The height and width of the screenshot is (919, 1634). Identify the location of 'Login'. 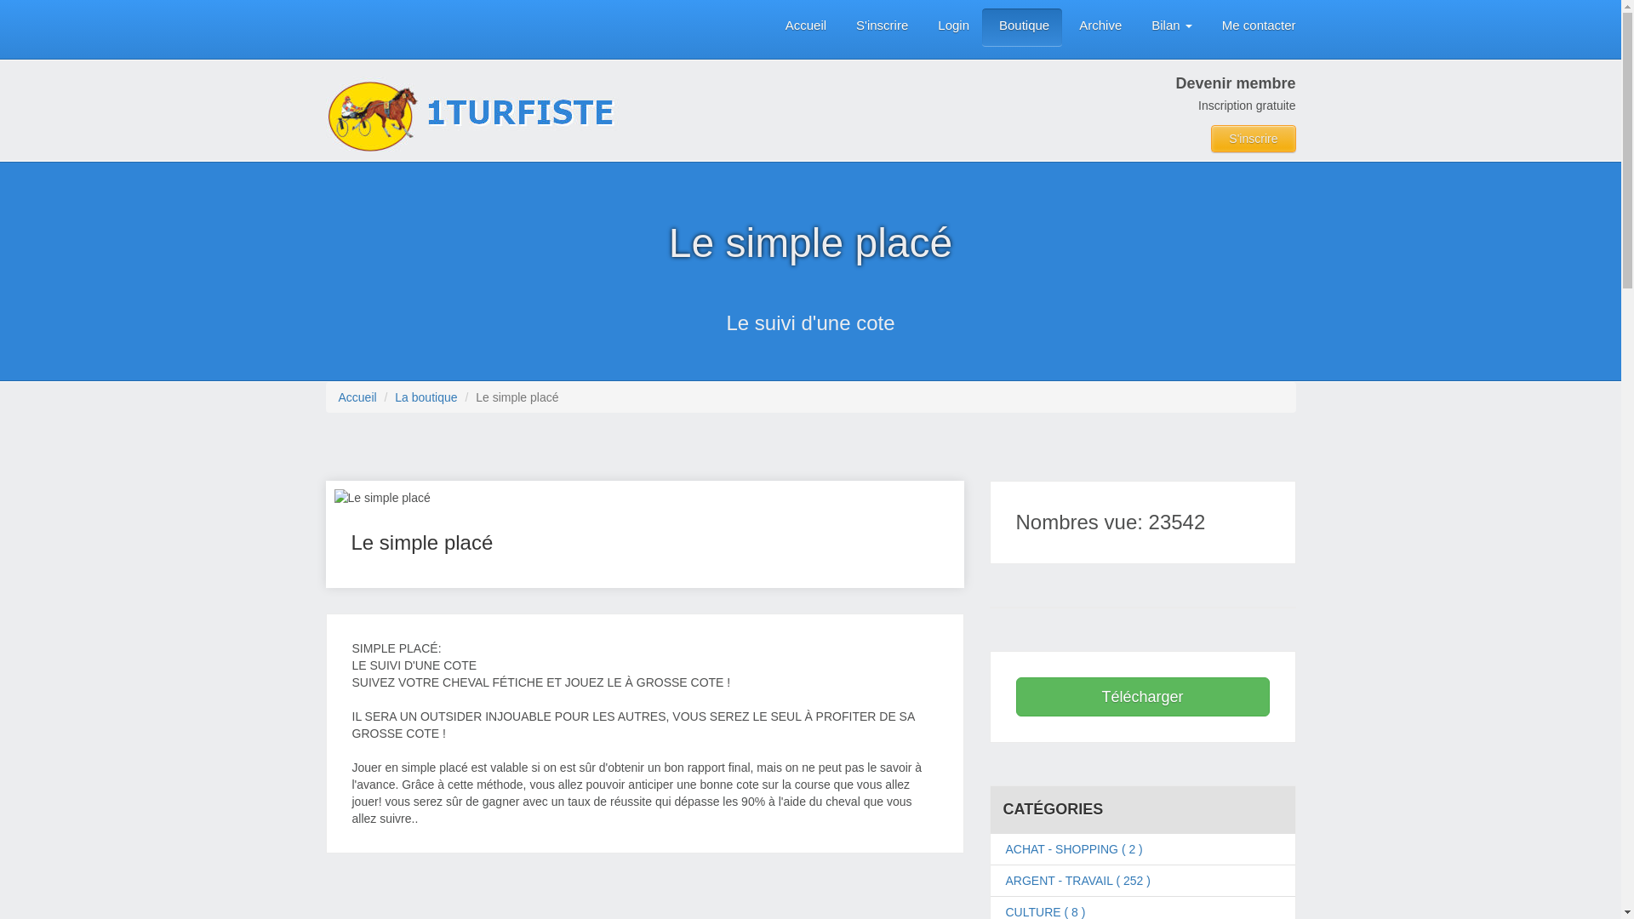
(951, 27).